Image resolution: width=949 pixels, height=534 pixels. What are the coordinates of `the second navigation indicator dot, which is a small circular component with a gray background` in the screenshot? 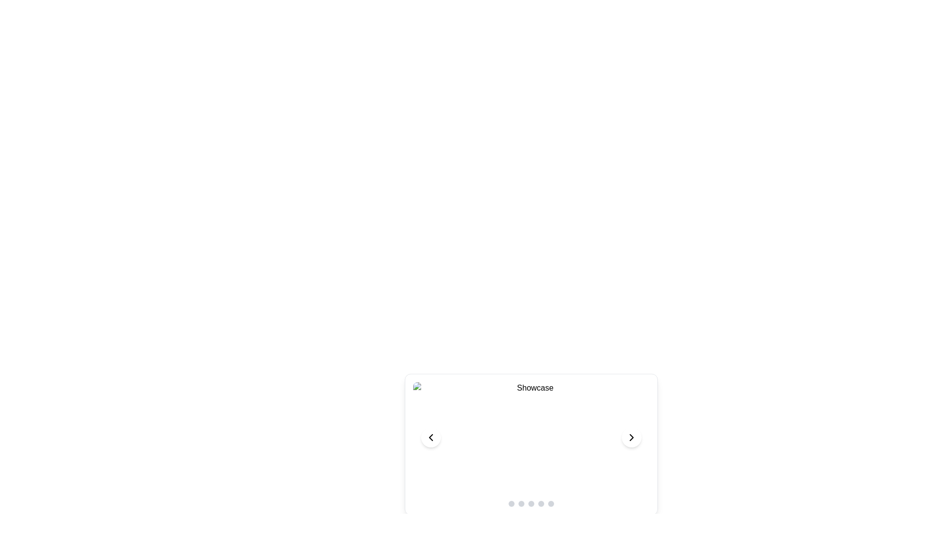 It's located at (521, 503).